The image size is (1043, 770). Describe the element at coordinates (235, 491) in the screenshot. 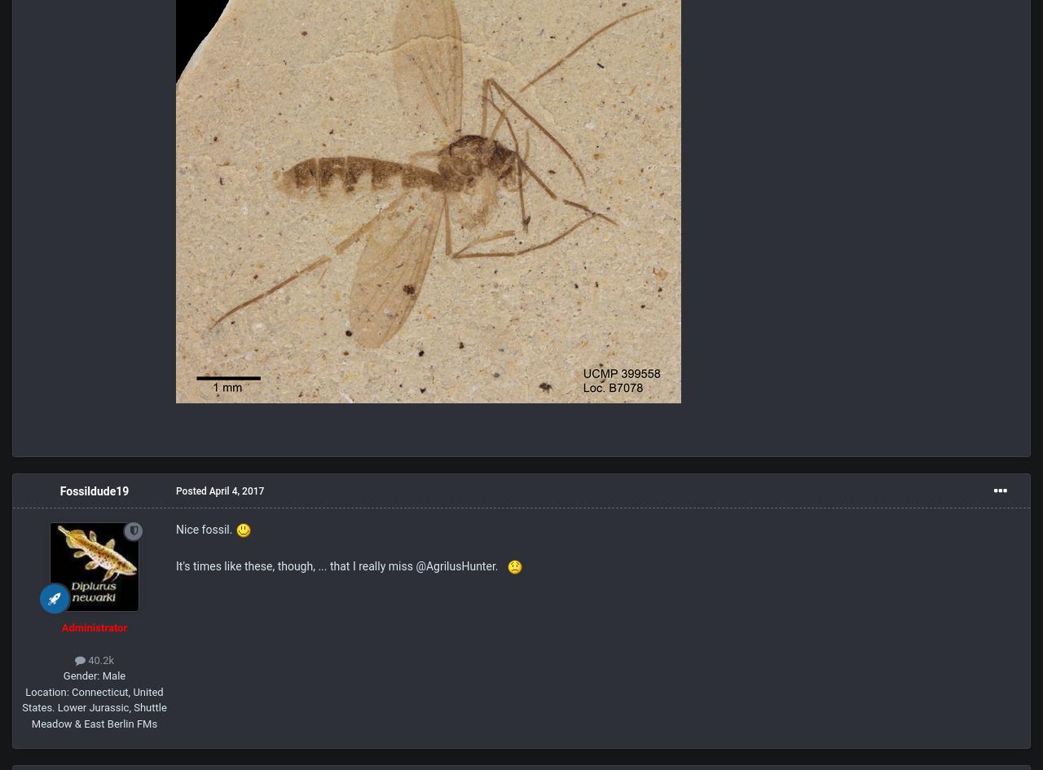

I see `'April 4, 2017'` at that location.